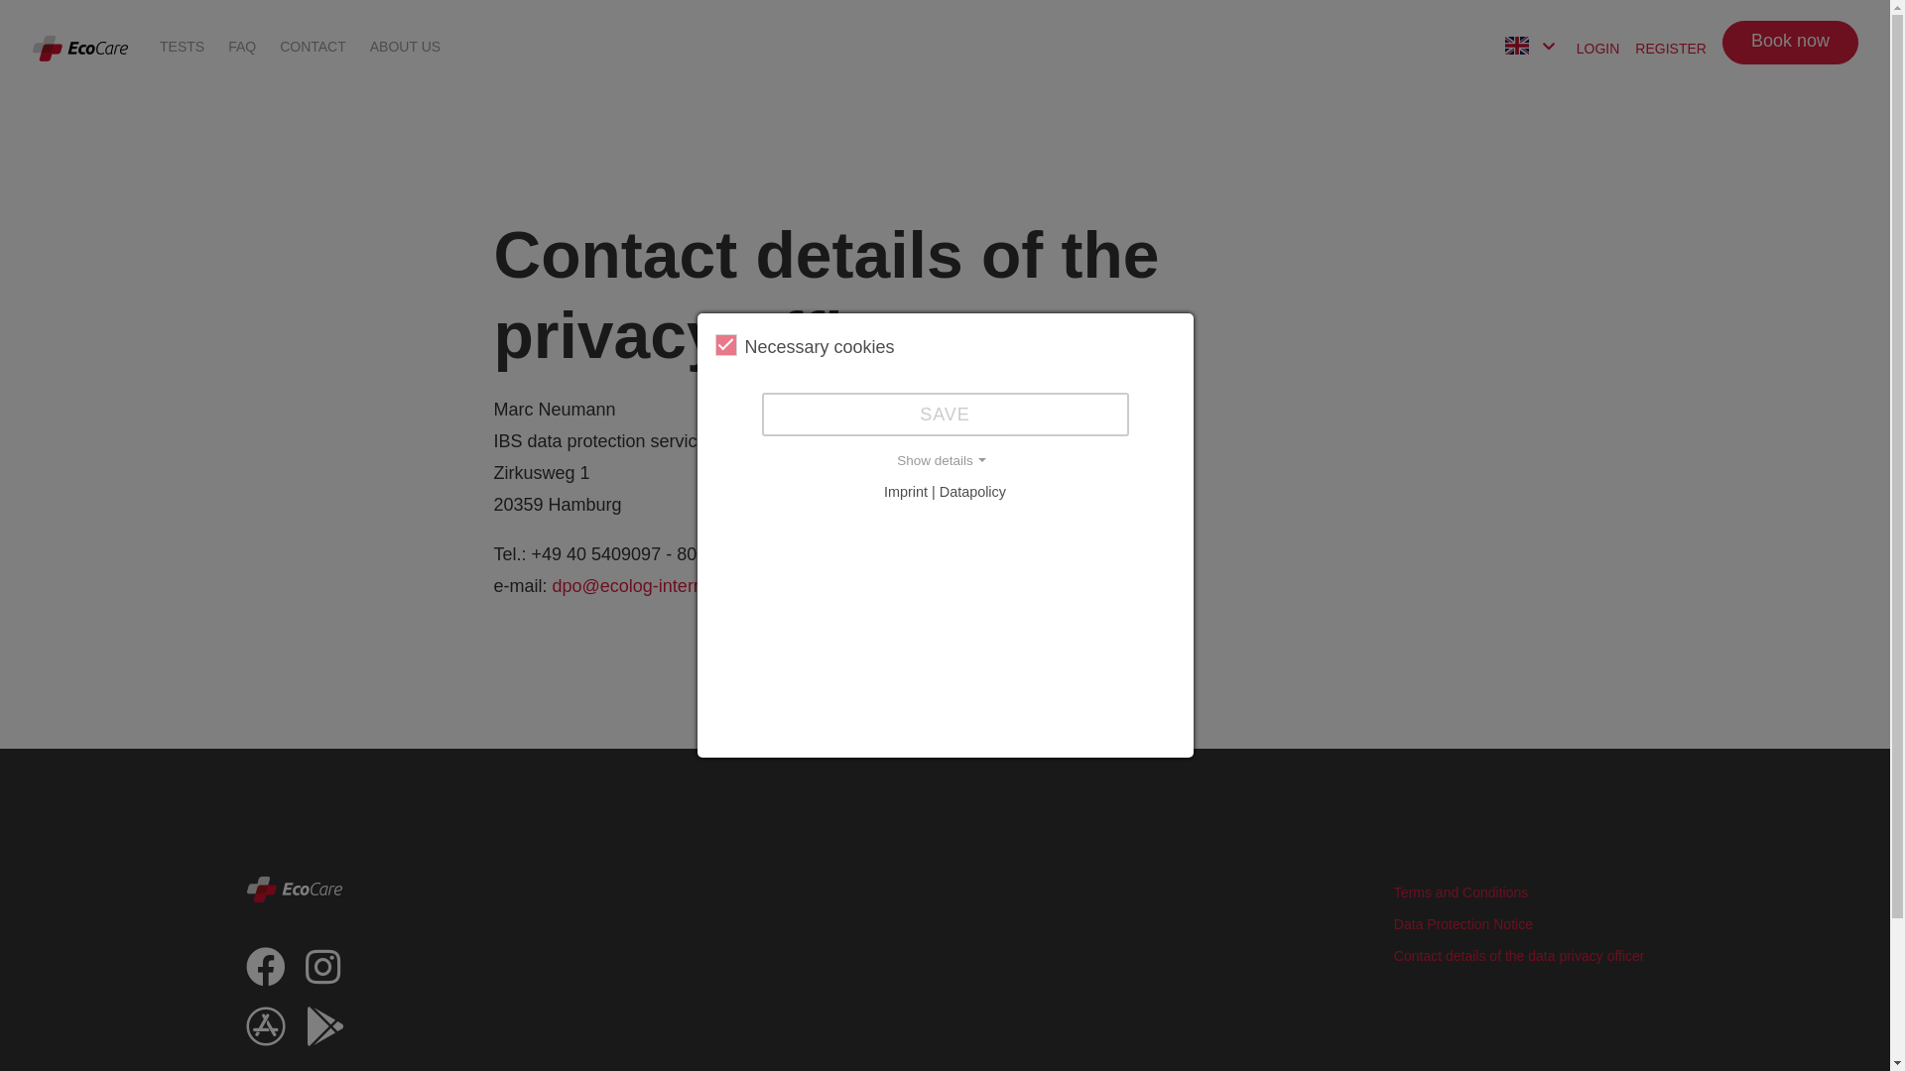 The width and height of the screenshot is (1905, 1071). What do you see at coordinates (324, 1034) in the screenshot?
I see `'EcoCare Android App'` at bounding box center [324, 1034].